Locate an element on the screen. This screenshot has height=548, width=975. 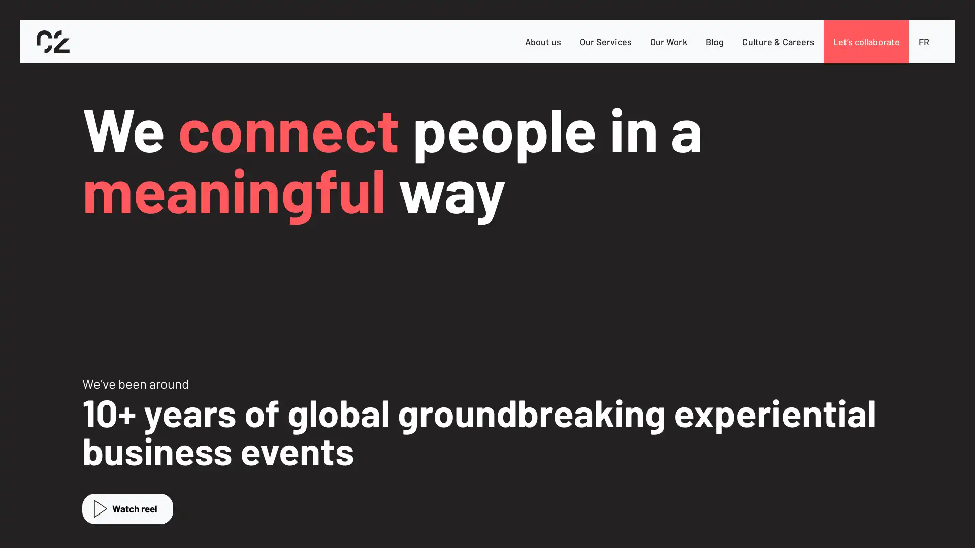
Watch reel is located at coordinates (127, 508).